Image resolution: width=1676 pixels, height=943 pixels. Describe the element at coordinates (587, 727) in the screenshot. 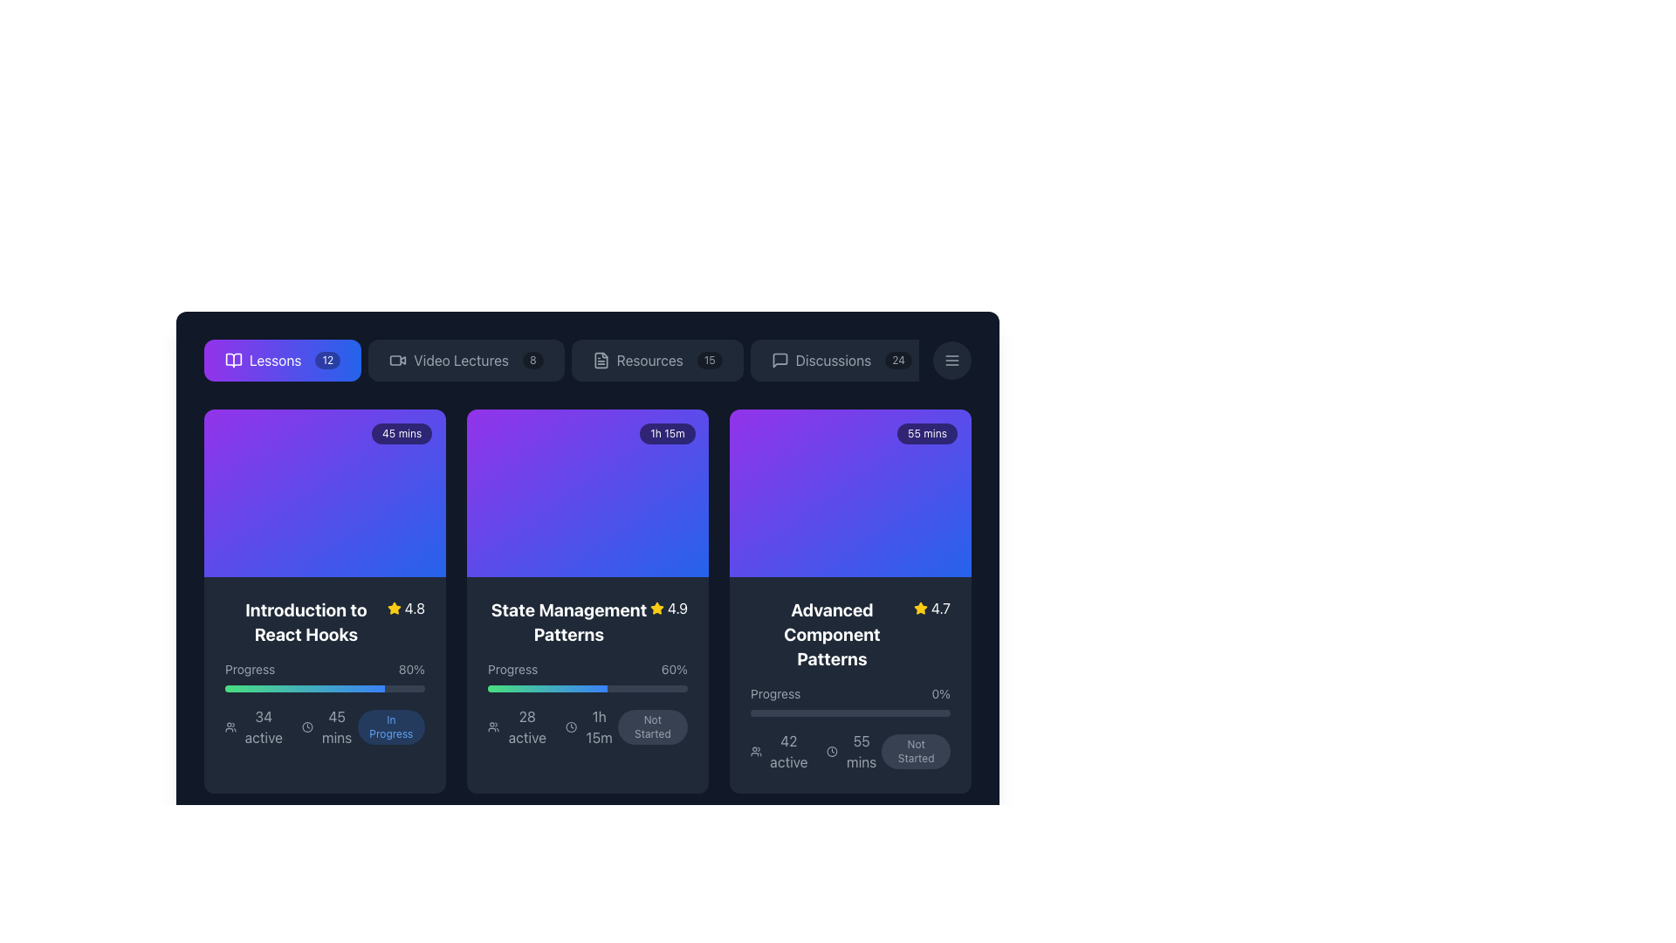

I see `the informative data display element located in the middle of three sections under the 'State Management Patterns' card` at that location.